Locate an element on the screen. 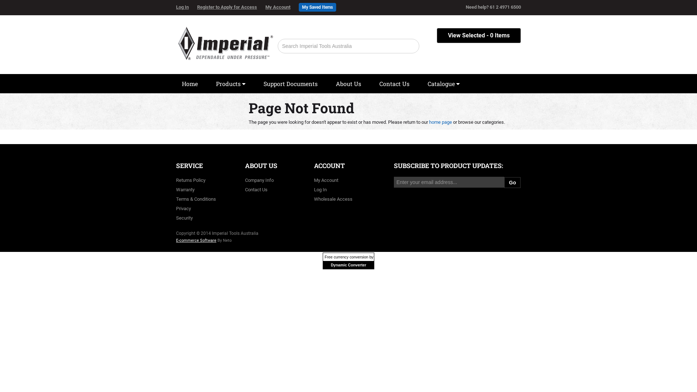 This screenshot has width=697, height=392. 'Privacy' is located at coordinates (183, 208).